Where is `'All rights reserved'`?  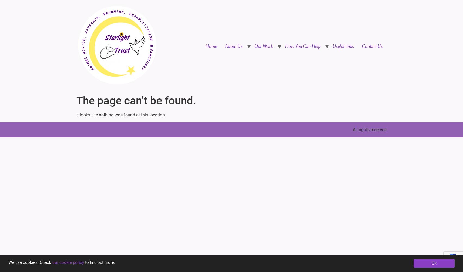
'All rights reserved' is located at coordinates (370, 129).